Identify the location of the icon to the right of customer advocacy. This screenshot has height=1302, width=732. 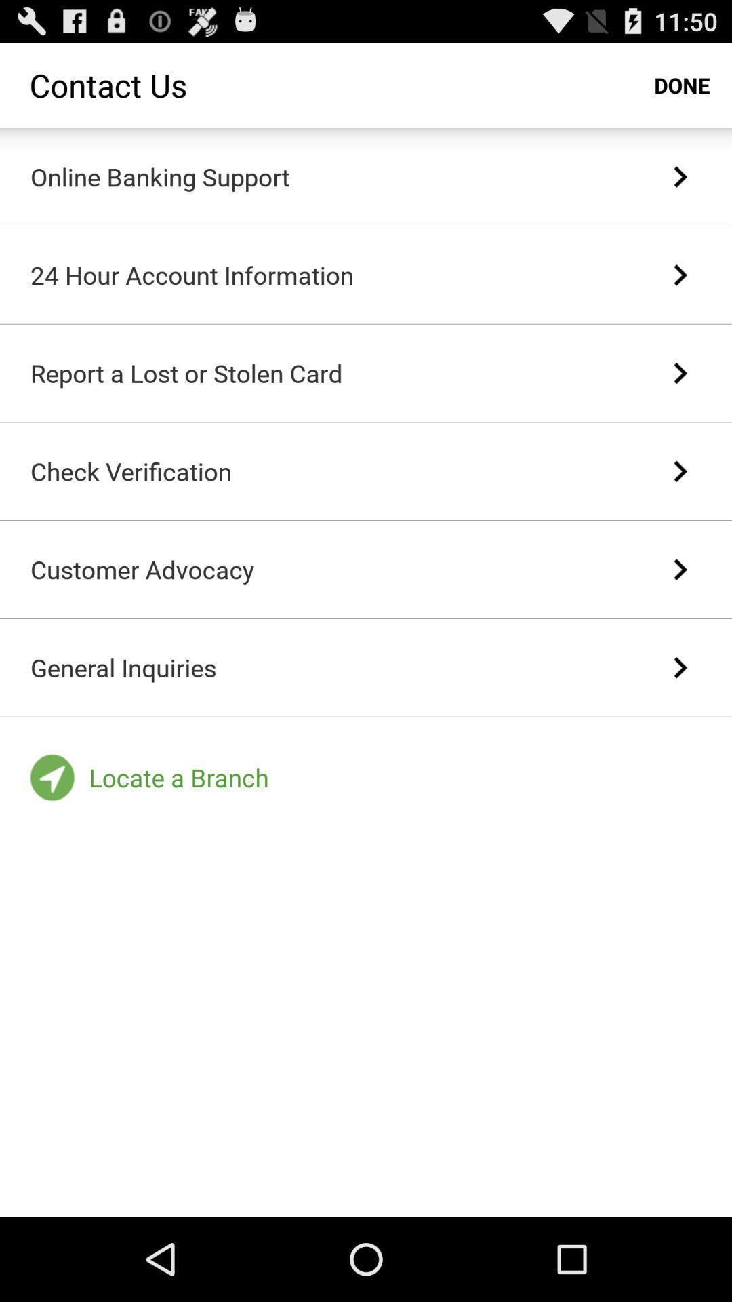
(680, 570).